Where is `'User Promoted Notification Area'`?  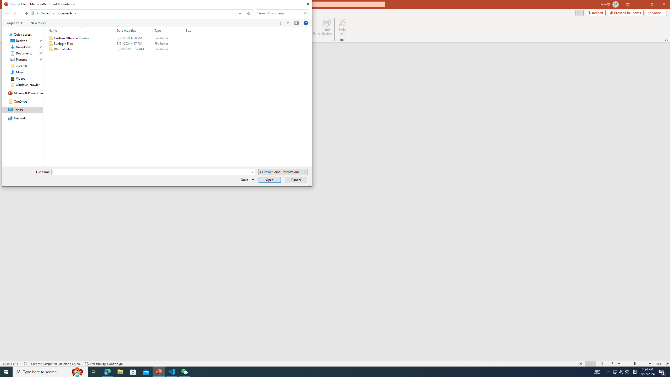 'User Promoted Notification Area' is located at coordinates (618, 371).